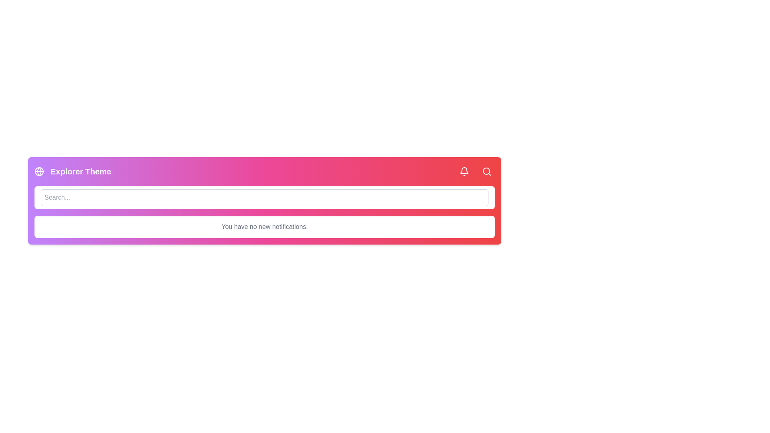  Describe the element at coordinates (486, 171) in the screenshot. I see `the circular search button with a magnifying glass icon located in the top-right corner of the interface to initiate a search` at that location.